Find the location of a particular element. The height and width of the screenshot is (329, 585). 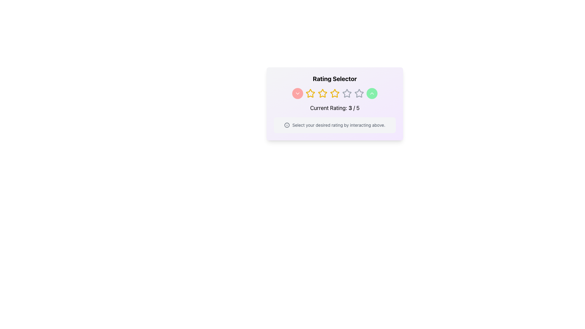

the small upward-pointing chevron icon, which is styled as a white outlined triangle on a green circular background, located within the green circular button on the right side of the rating interface is located at coordinates (371, 94).